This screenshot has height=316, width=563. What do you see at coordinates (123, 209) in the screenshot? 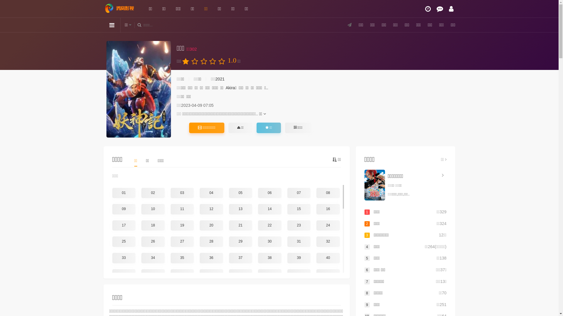
I see `'09'` at bounding box center [123, 209].